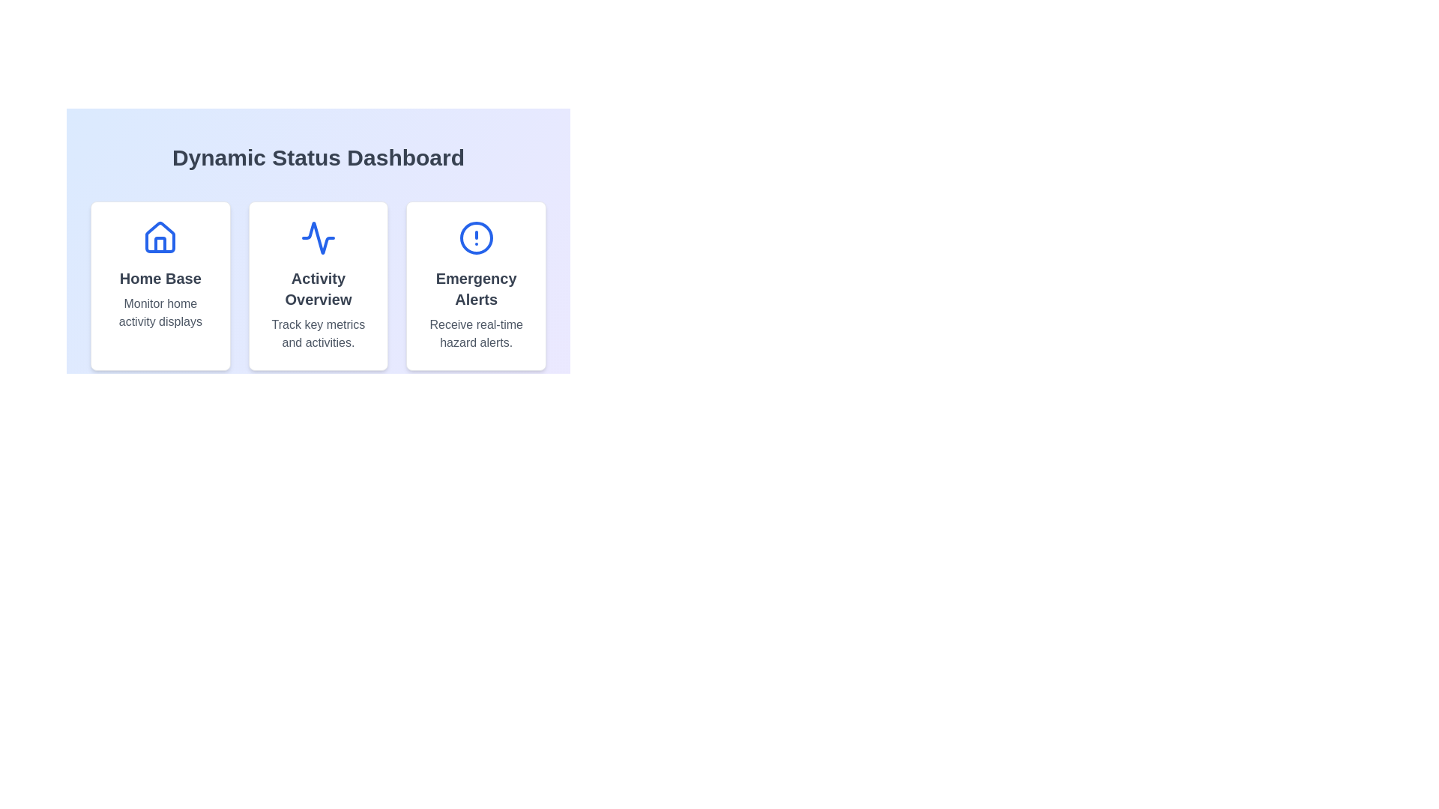 This screenshot has width=1439, height=809. I want to click on text label displaying 'Track key metrics and activities.' located at the bottom of the 'Activity Overview' card, so click(317, 333).